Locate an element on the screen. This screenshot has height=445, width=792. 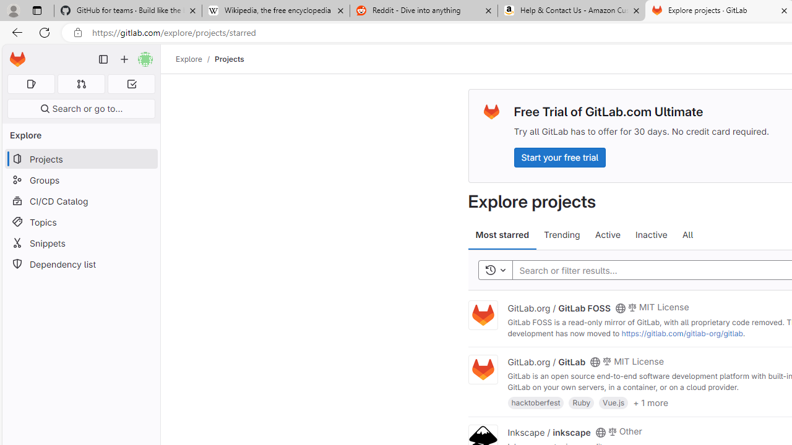
'CI/CD Catalog' is located at coordinates (80, 200).